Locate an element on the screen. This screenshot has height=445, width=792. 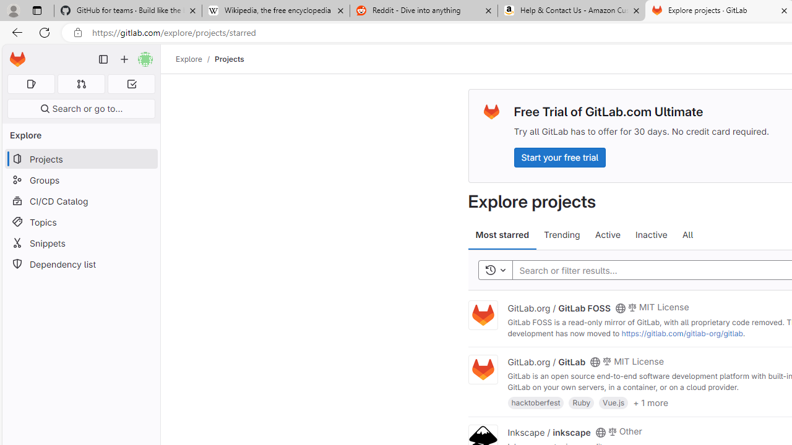
'CI/CD Catalog' is located at coordinates (80, 200).